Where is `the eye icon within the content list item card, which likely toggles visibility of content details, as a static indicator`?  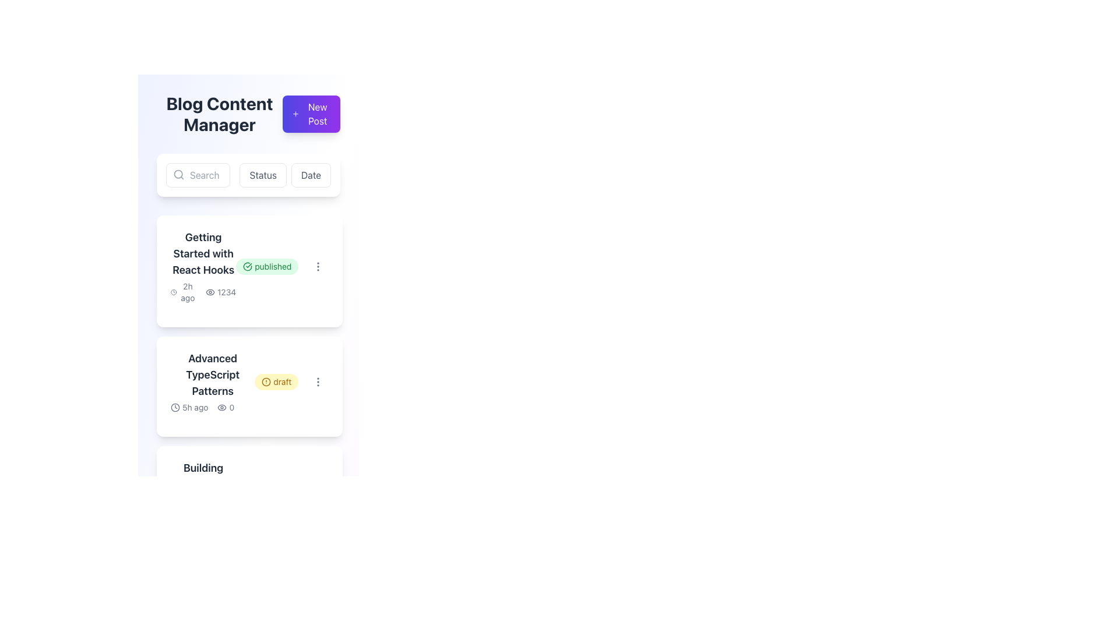
the eye icon within the content list item card, which likely toggles visibility of content details, as a static indicator is located at coordinates (222, 407).